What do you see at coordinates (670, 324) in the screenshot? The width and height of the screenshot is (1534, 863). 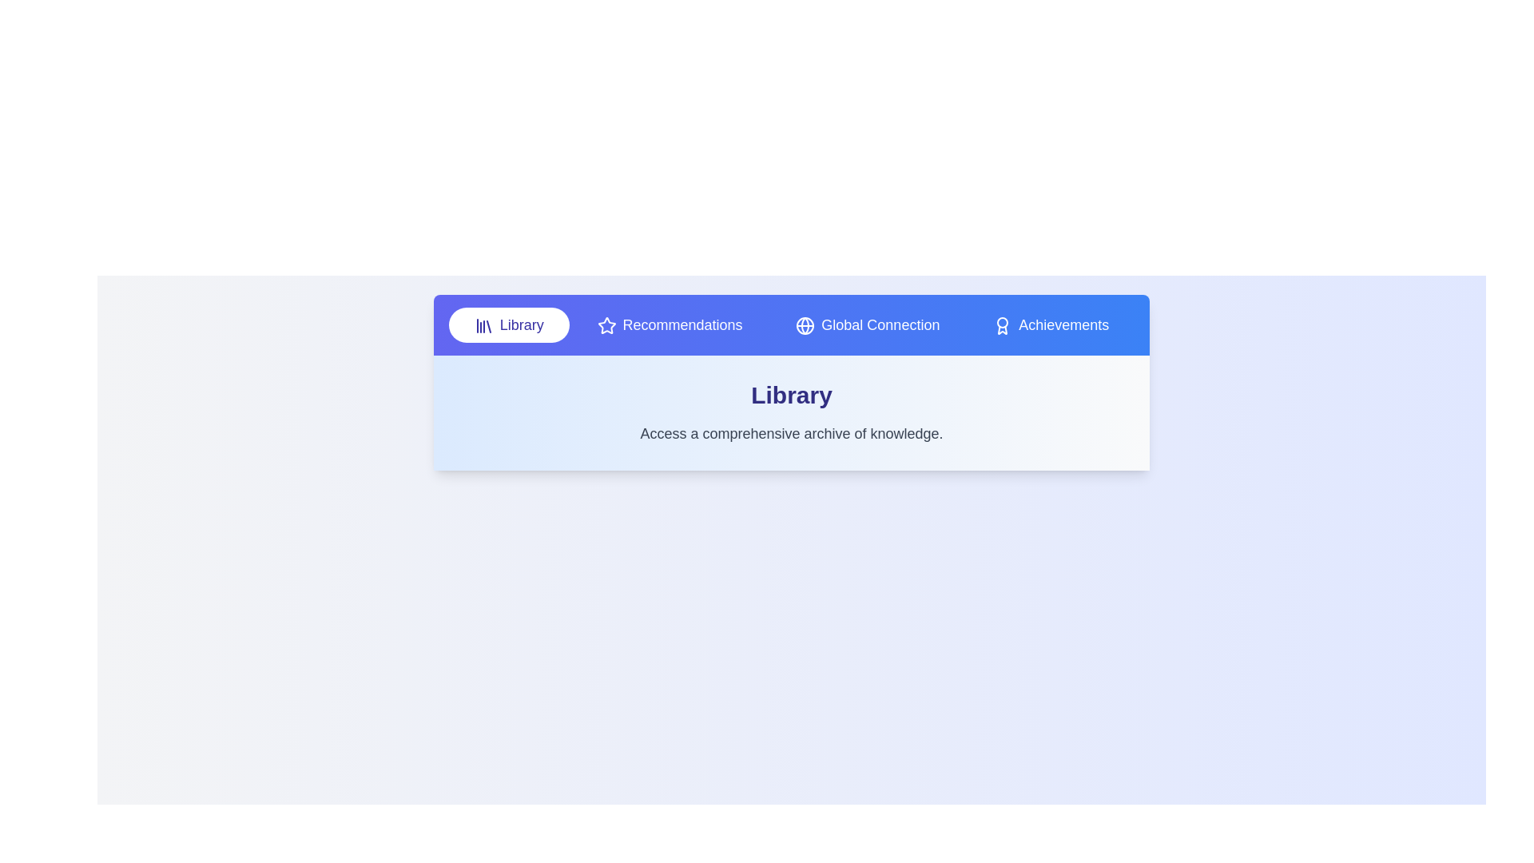 I see `the tab labeled Recommendations to switch to the corresponding view` at bounding box center [670, 324].